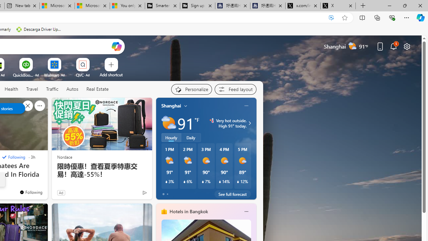 The image size is (428, 241). I want to click on 'Traffic', so click(52, 89).